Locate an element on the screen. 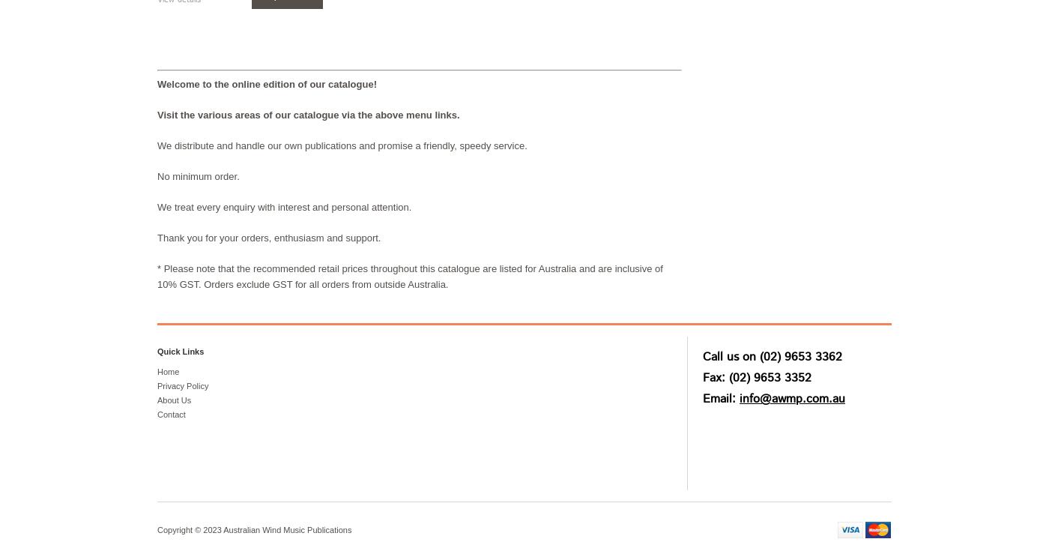 This screenshot has width=1049, height=557. 'About Us' is located at coordinates (173, 400).